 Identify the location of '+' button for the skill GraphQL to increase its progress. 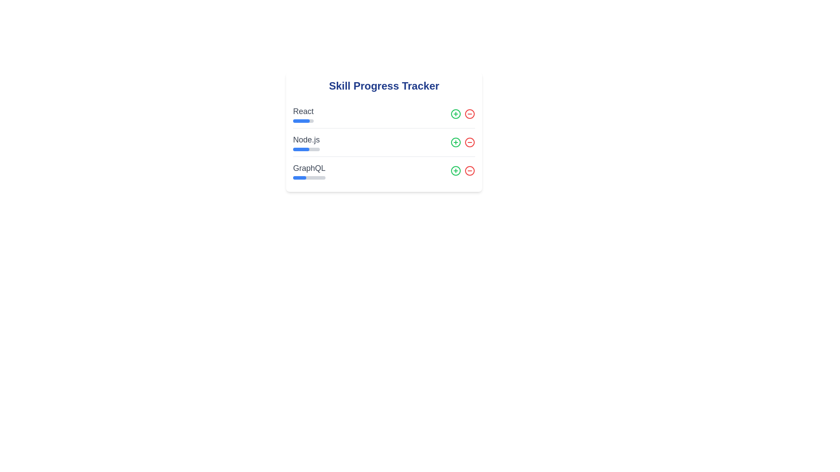
(455, 170).